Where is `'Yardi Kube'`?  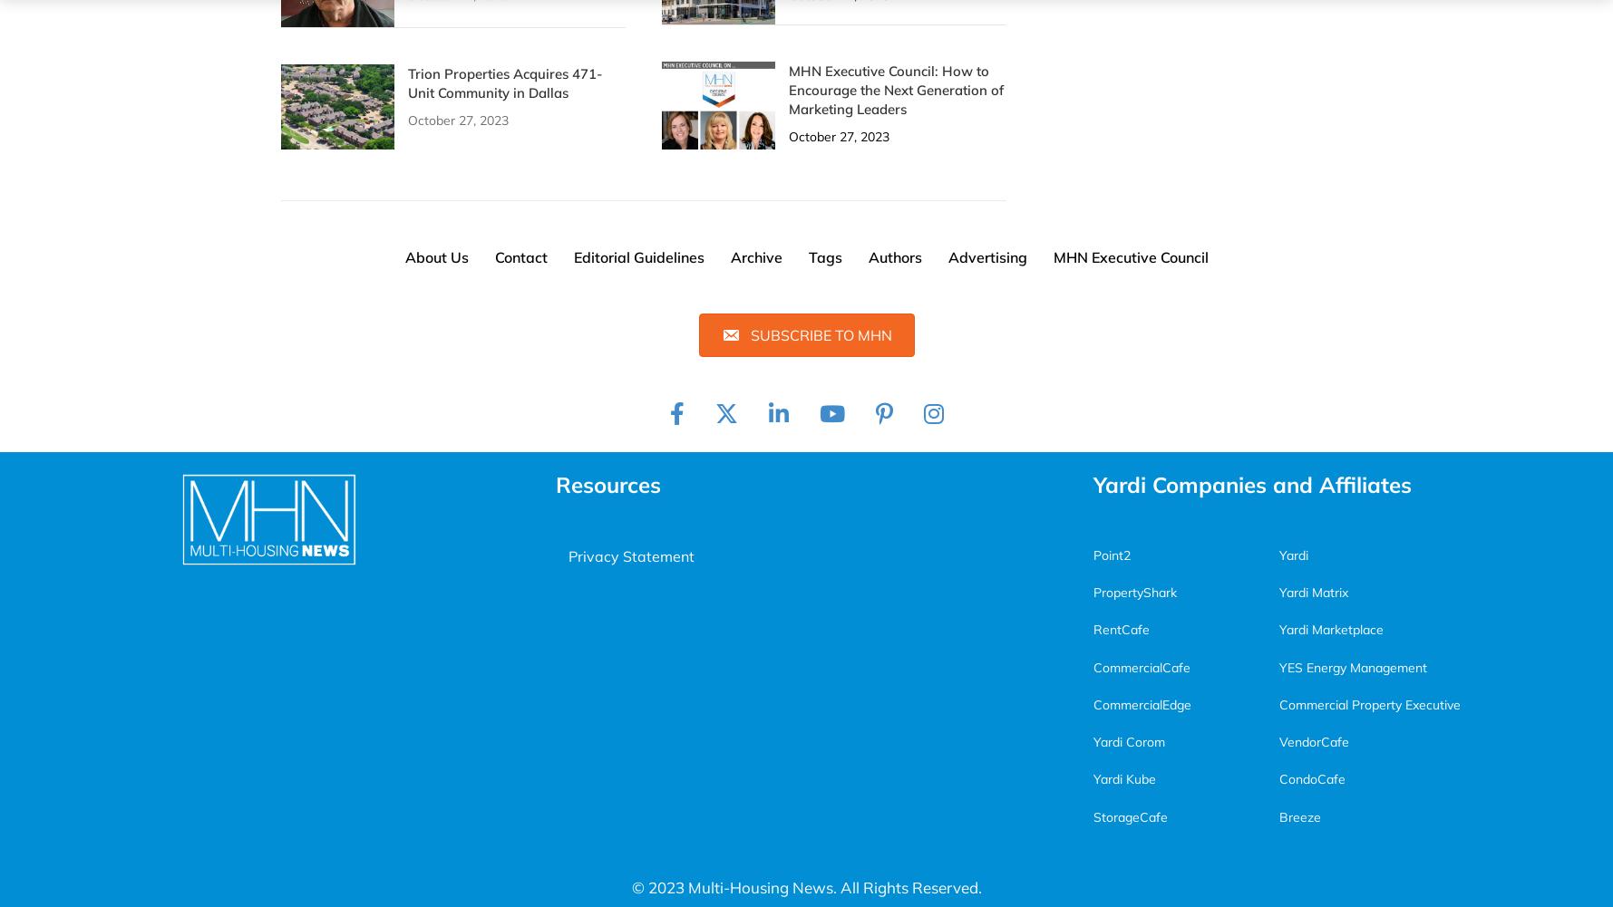
'Yardi Kube' is located at coordinates (1091, 778).